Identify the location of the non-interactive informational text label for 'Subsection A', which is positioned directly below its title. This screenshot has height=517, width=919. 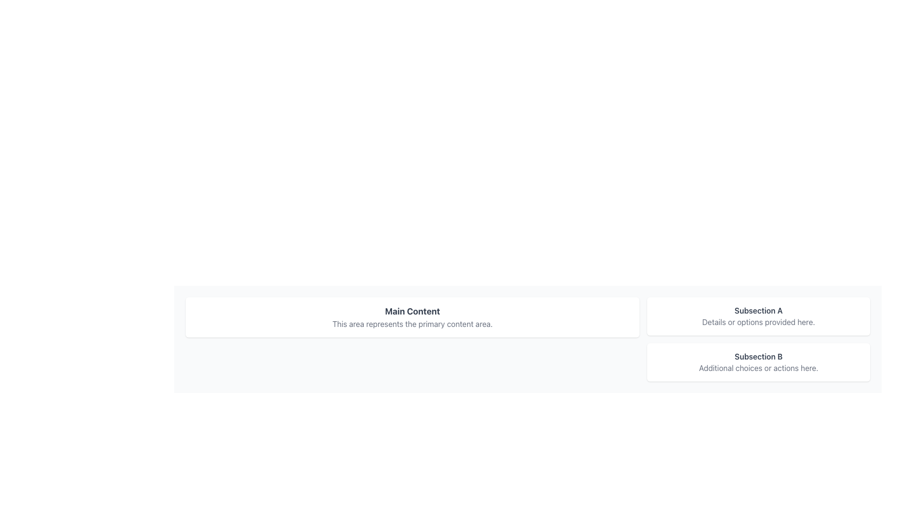
(758, 322).